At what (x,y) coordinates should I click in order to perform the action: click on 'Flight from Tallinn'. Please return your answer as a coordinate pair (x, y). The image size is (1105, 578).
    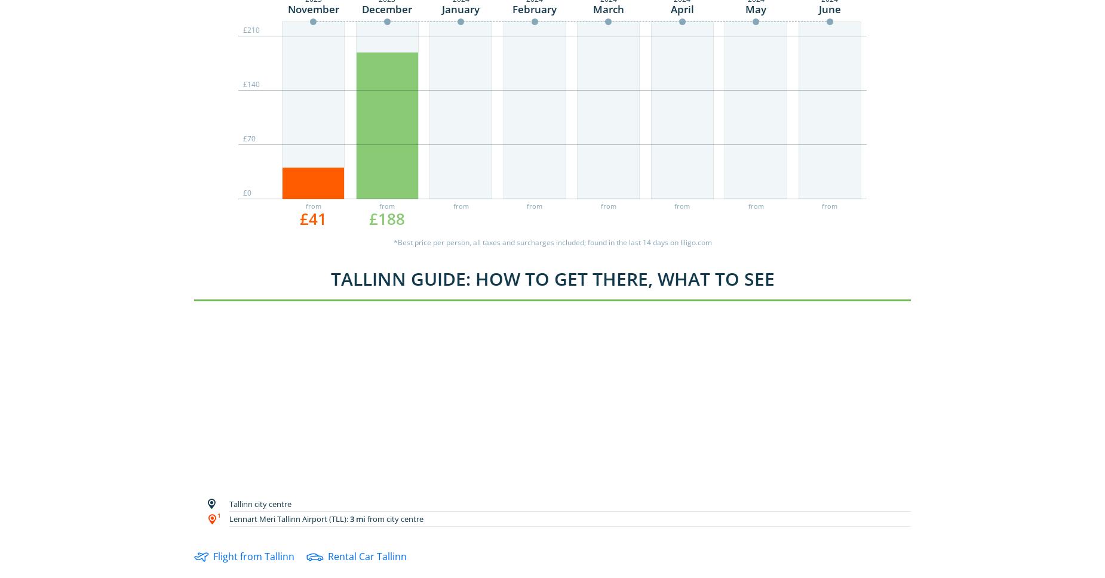
    Looking at the image, I should click on (253, 555).